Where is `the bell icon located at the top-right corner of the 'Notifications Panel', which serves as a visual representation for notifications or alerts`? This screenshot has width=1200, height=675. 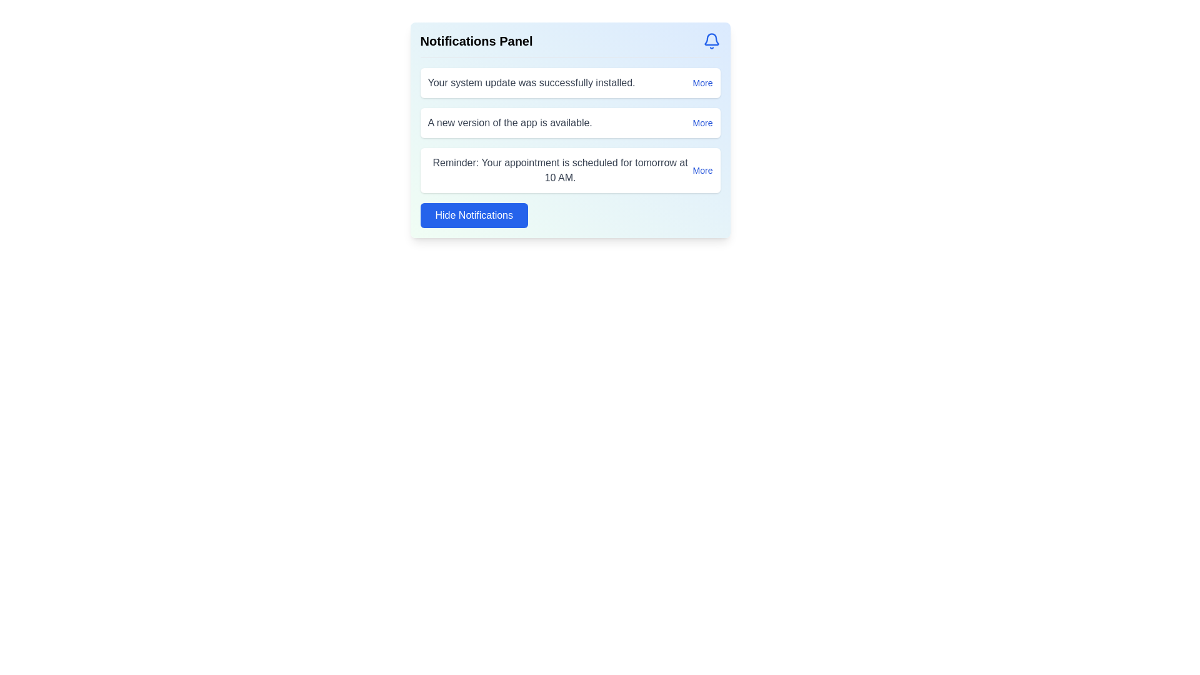 the bell icon located at the top-right corner of the 'Notifications Panel', which serves as a visual representation for notifications or alerts is located at coordinates (711, 40).